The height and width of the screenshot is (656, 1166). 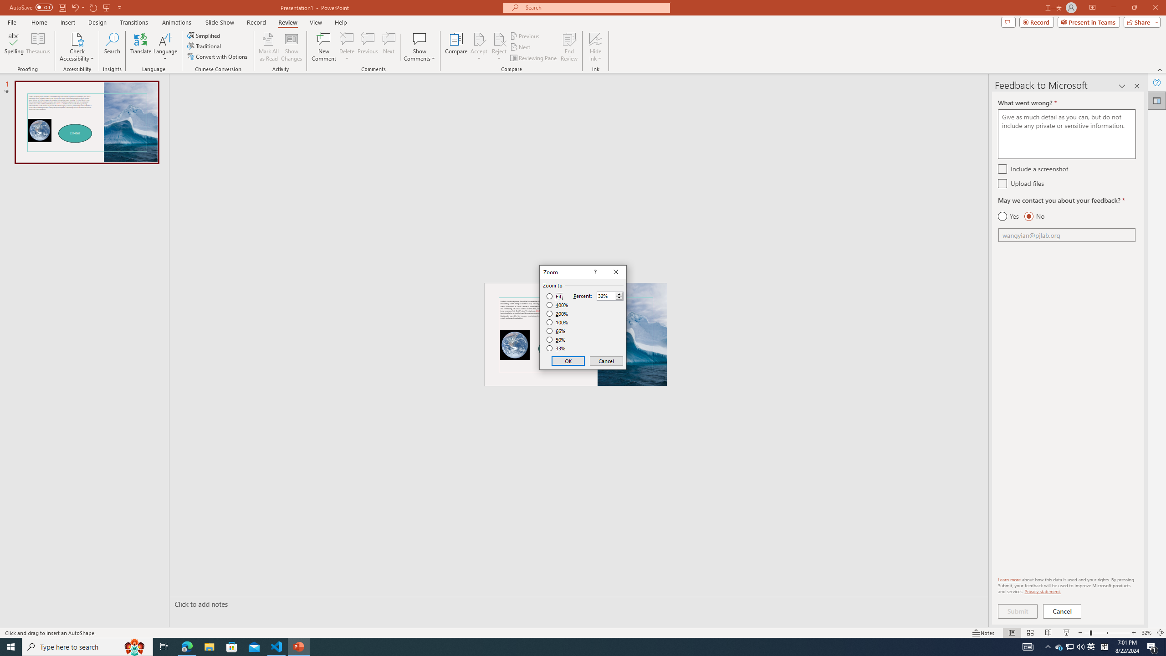 I want to click on 'Accept', so click(x=479, y=47).